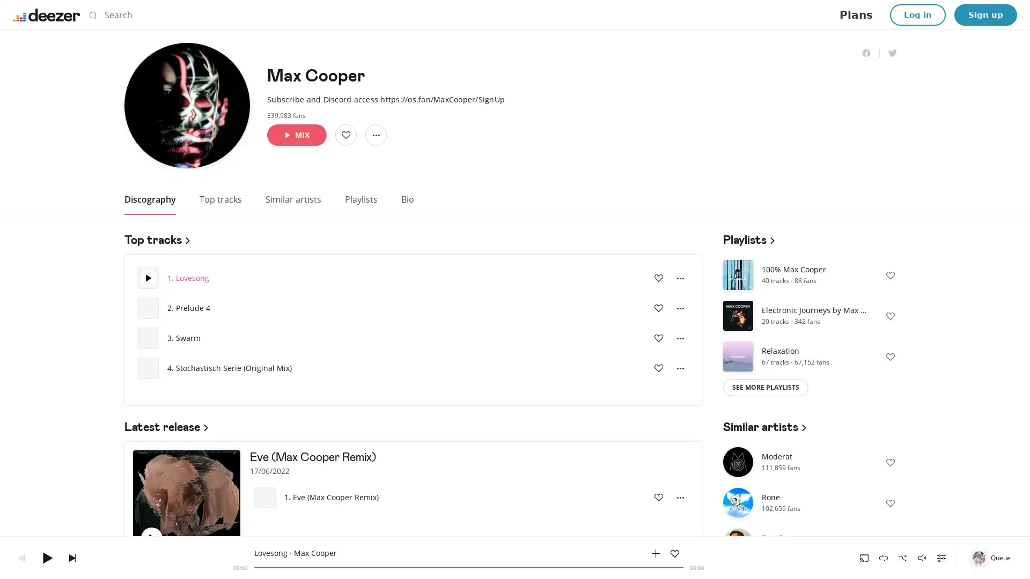 This screenshot has height=579, width=1030. Describe the element at coordinates (21, 557) in the screenshot. I see `Back` at that location.